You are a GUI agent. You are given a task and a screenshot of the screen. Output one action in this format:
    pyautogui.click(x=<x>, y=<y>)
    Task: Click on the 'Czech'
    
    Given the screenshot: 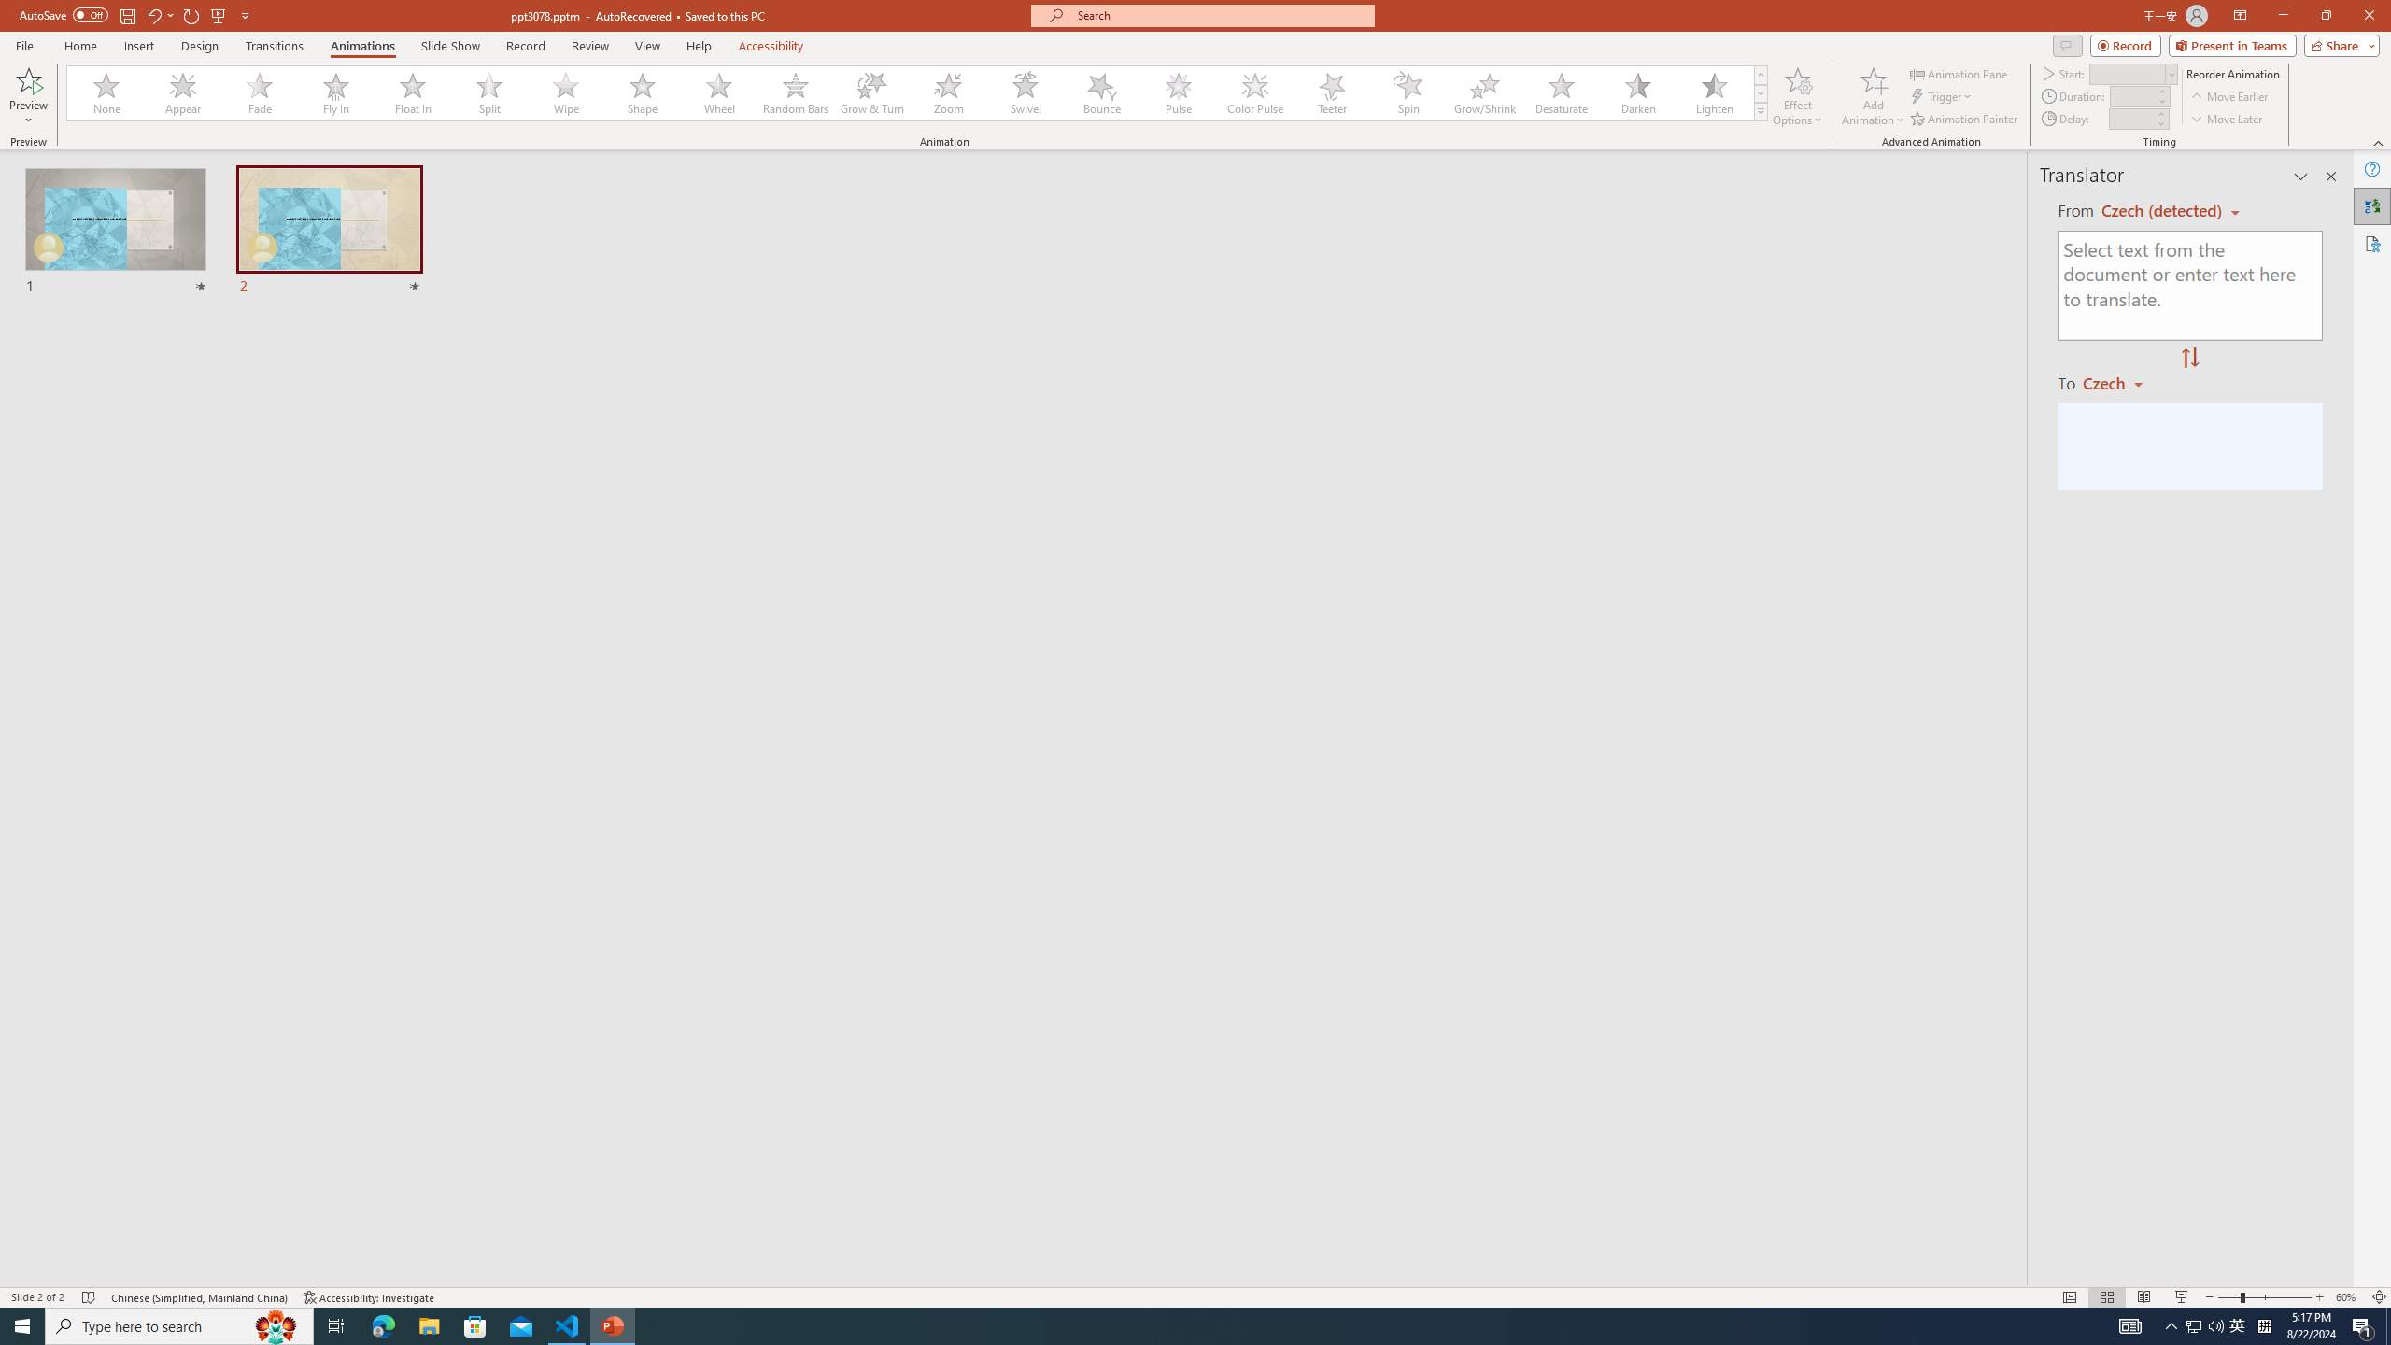 What is the action you would take?
    pyautogui.click(x=2120, y=382)
    